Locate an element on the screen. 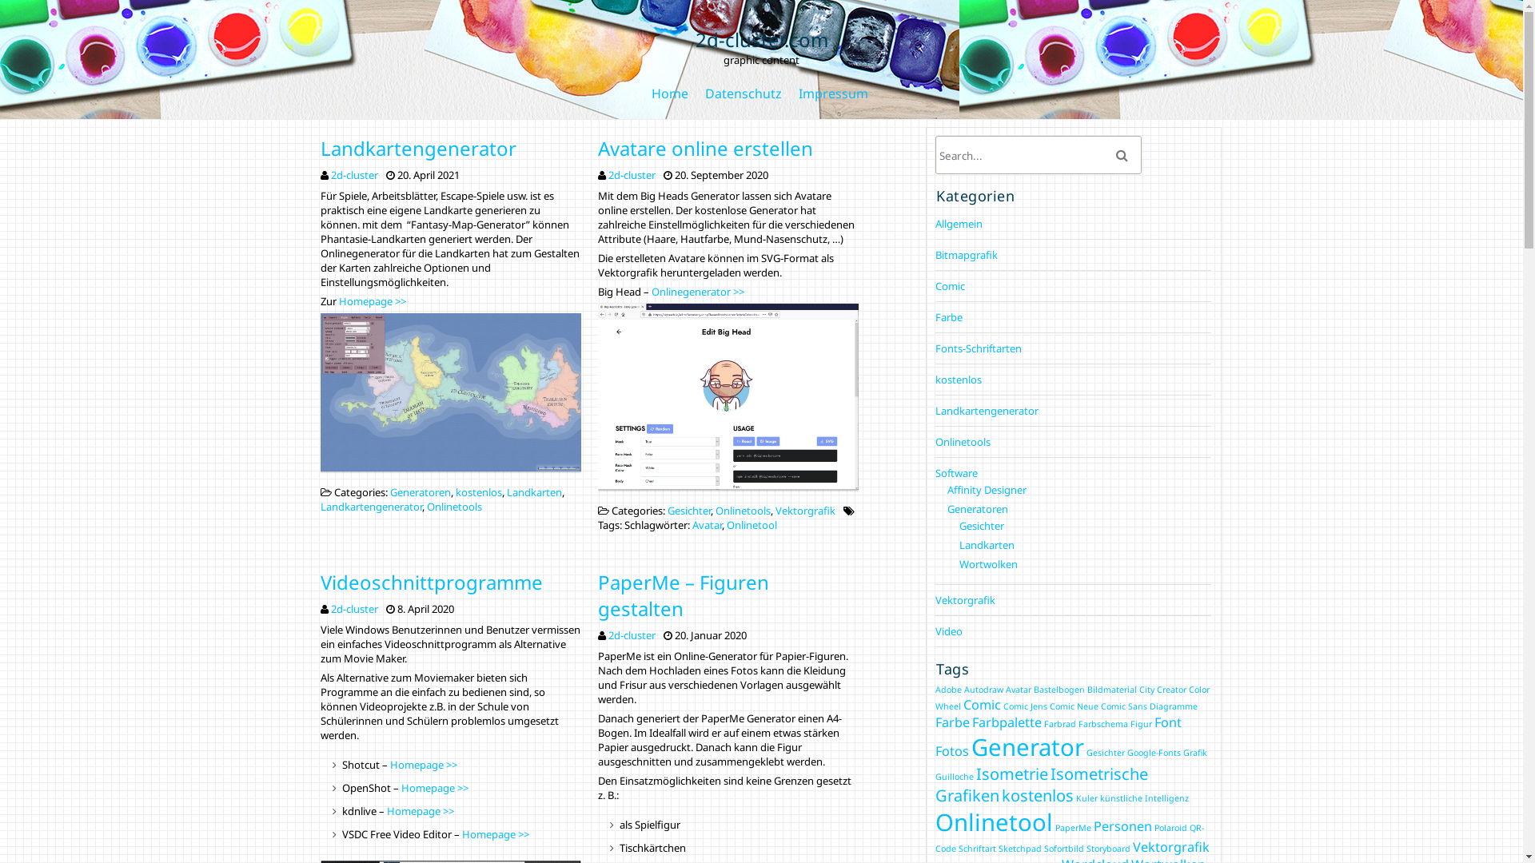 This screenshot has height=863, width=1535. 'Font' is located at coordinates (1167, 722).